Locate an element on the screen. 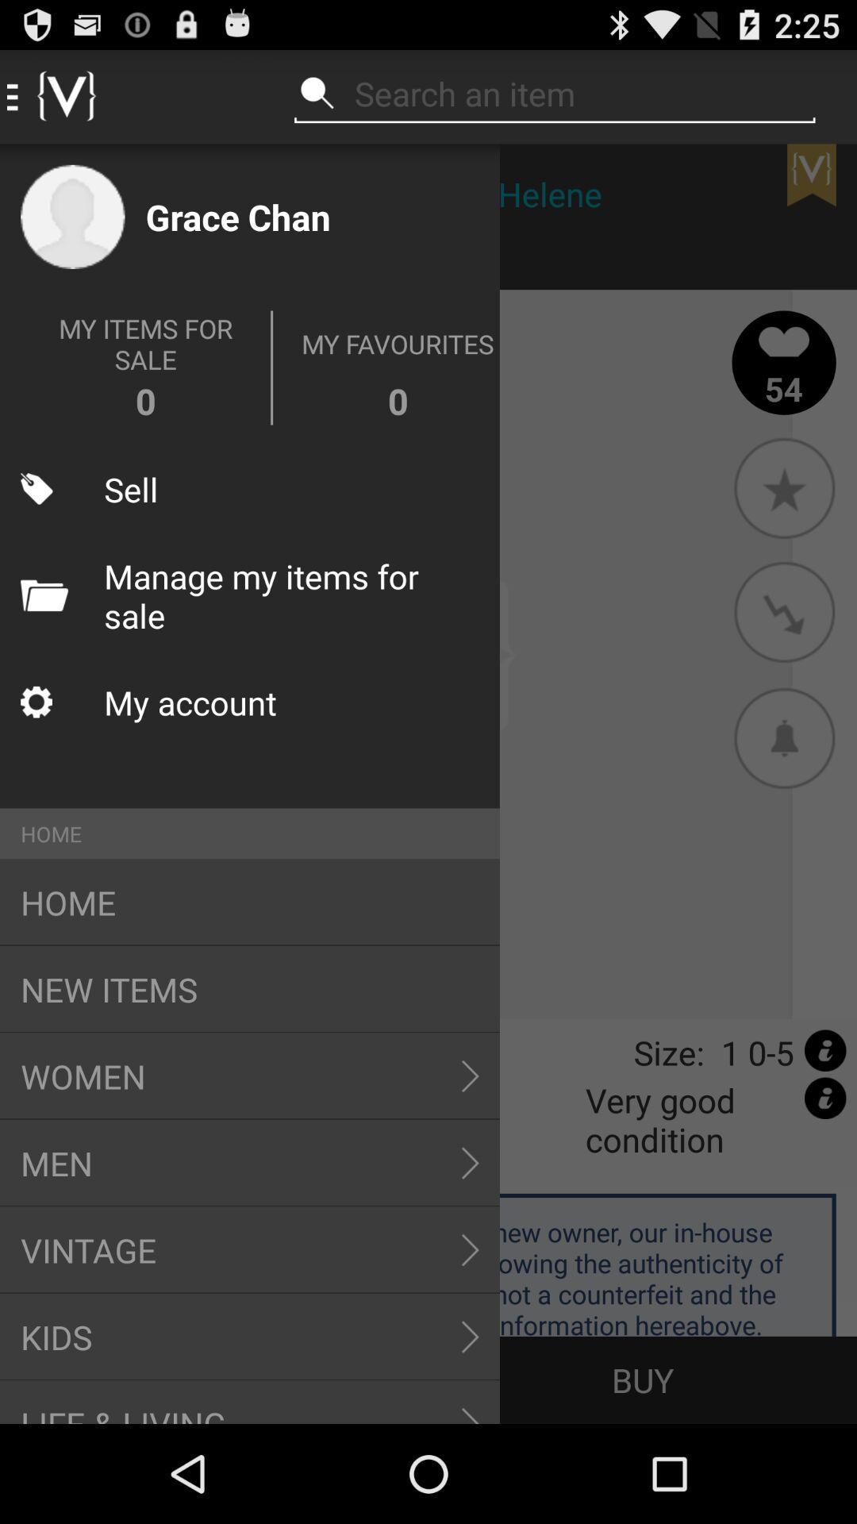  the avatar icon is located at coordinates (72, 231).